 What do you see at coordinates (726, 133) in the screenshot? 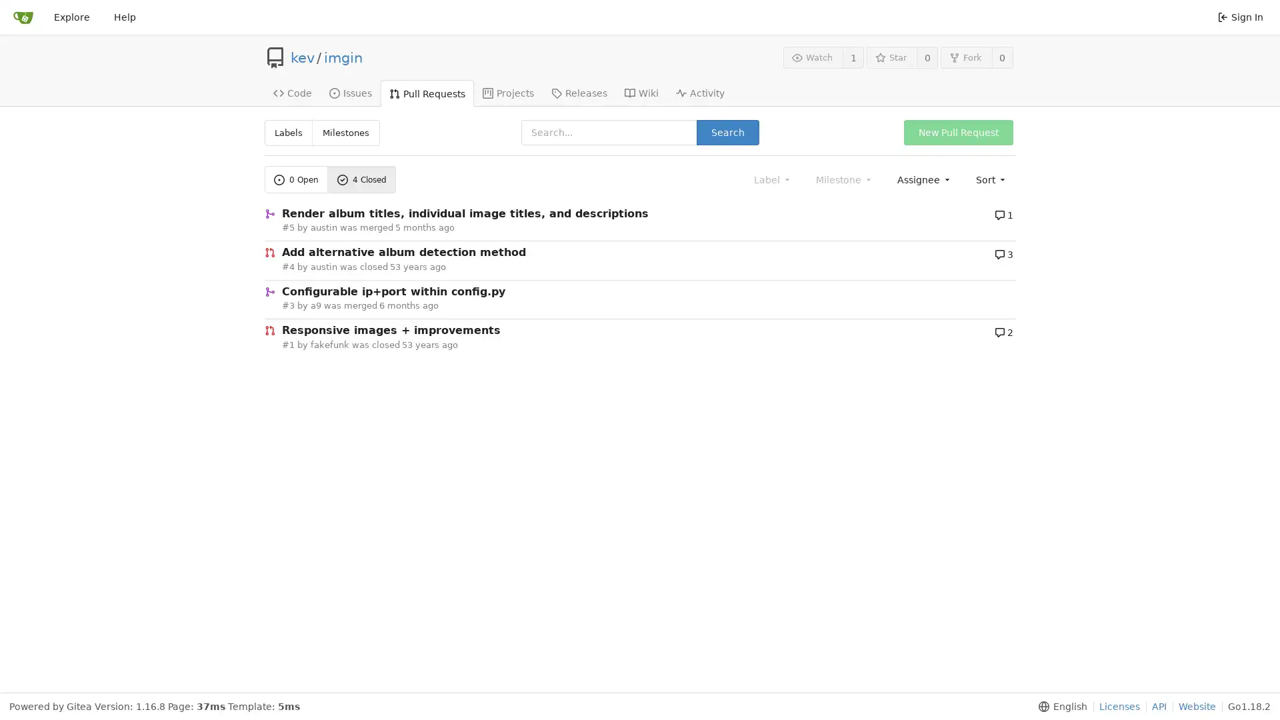
I see `Search` at bounding box center [726, 133].